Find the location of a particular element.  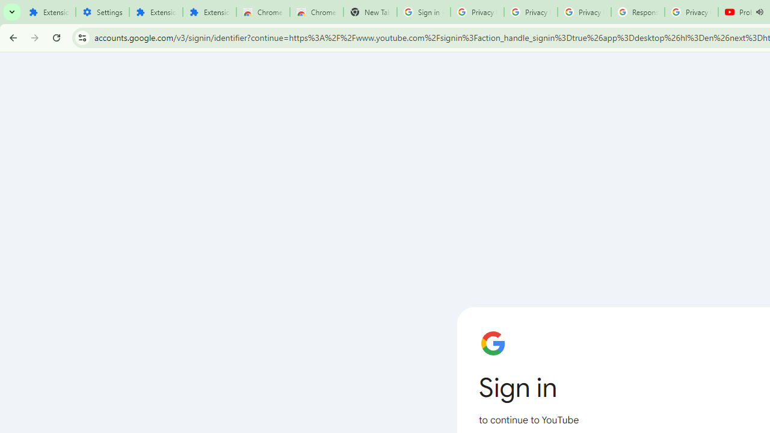

'Chrome Web Store' is located at coordinates (262, 12).